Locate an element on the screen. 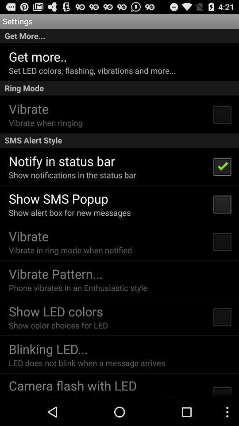 The image size is (239, 426). the app above the show sms popup item is located at coordinates (72, 174).